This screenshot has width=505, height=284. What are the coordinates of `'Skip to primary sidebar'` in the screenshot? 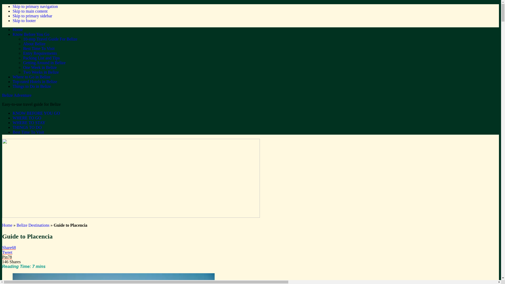 It's located at (13, 16).